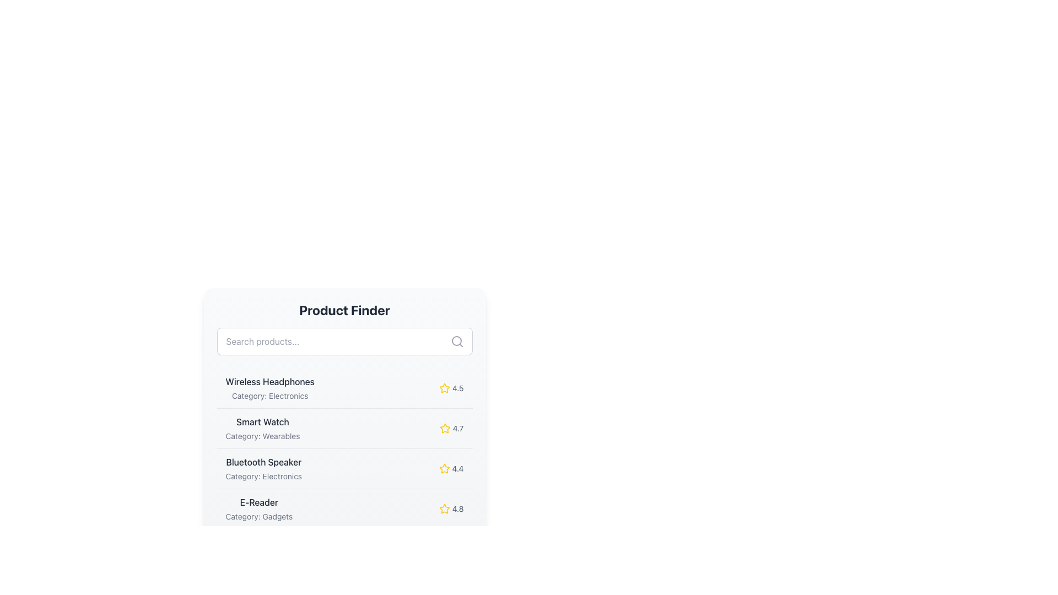 Image resolution: width=1058 pixels, height=595 pixels. Describe the element at coordinates (451, 388) in the screenshot. I see `the Rating Display for the 'Wireless Headphones' product, located on the right side of the item in the product list` at that location.